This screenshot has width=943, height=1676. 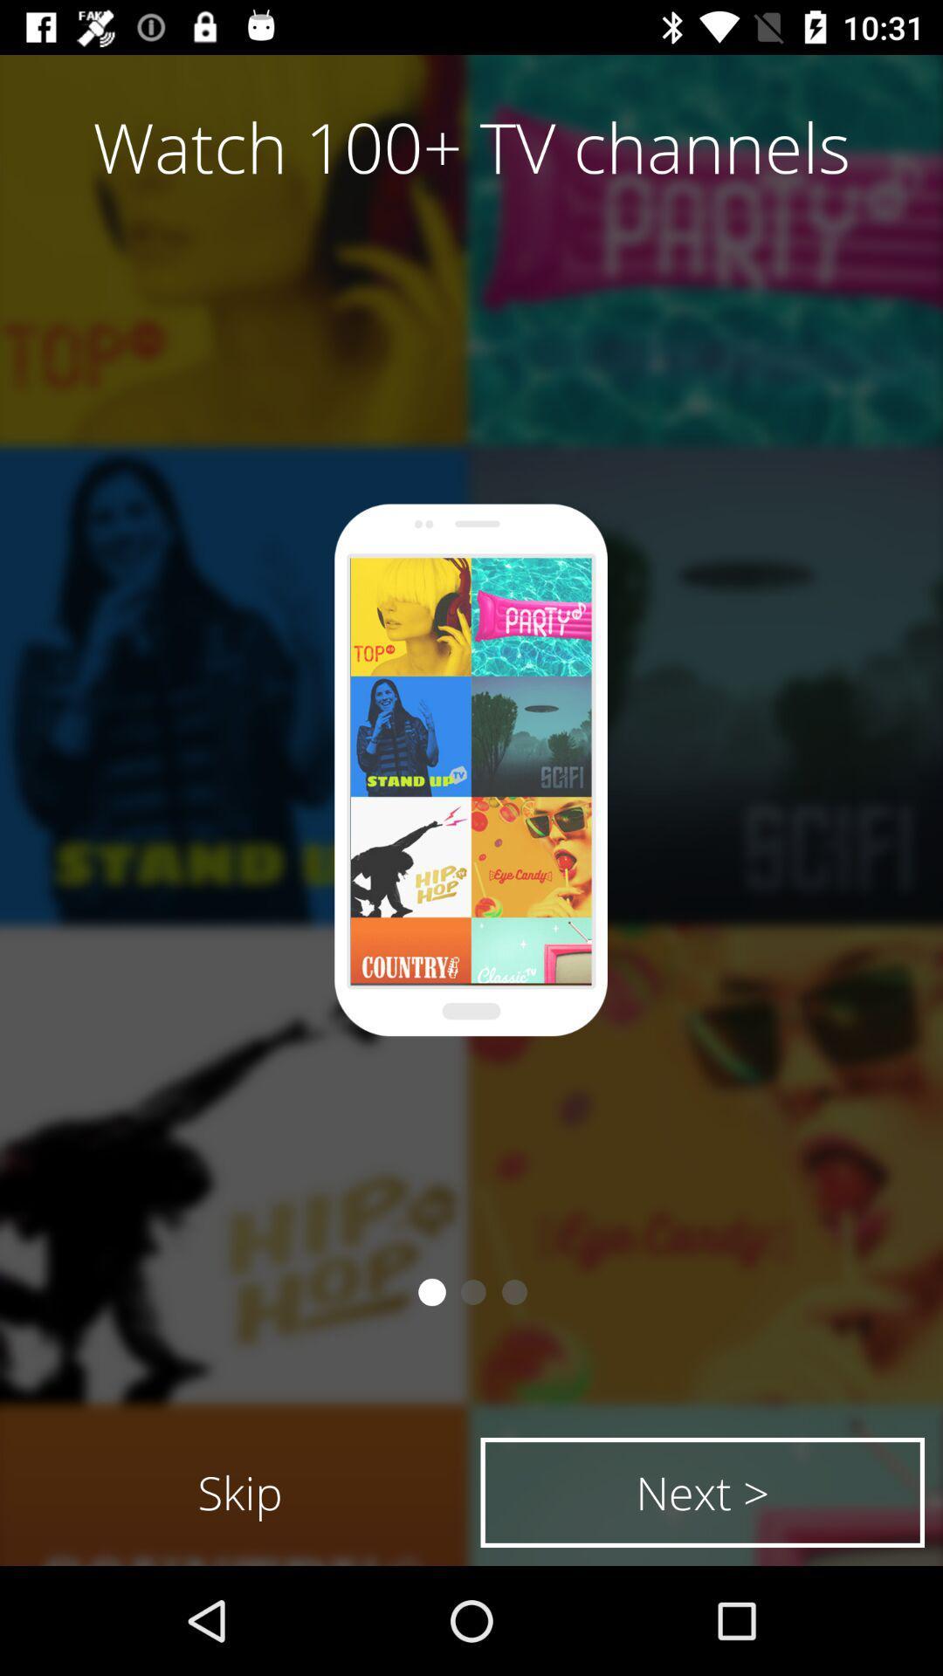 What do you see at coordinates (701, 1491) in the screenshot?
I see `icon to the right of the skip item` at bounding box center [701, 1491].